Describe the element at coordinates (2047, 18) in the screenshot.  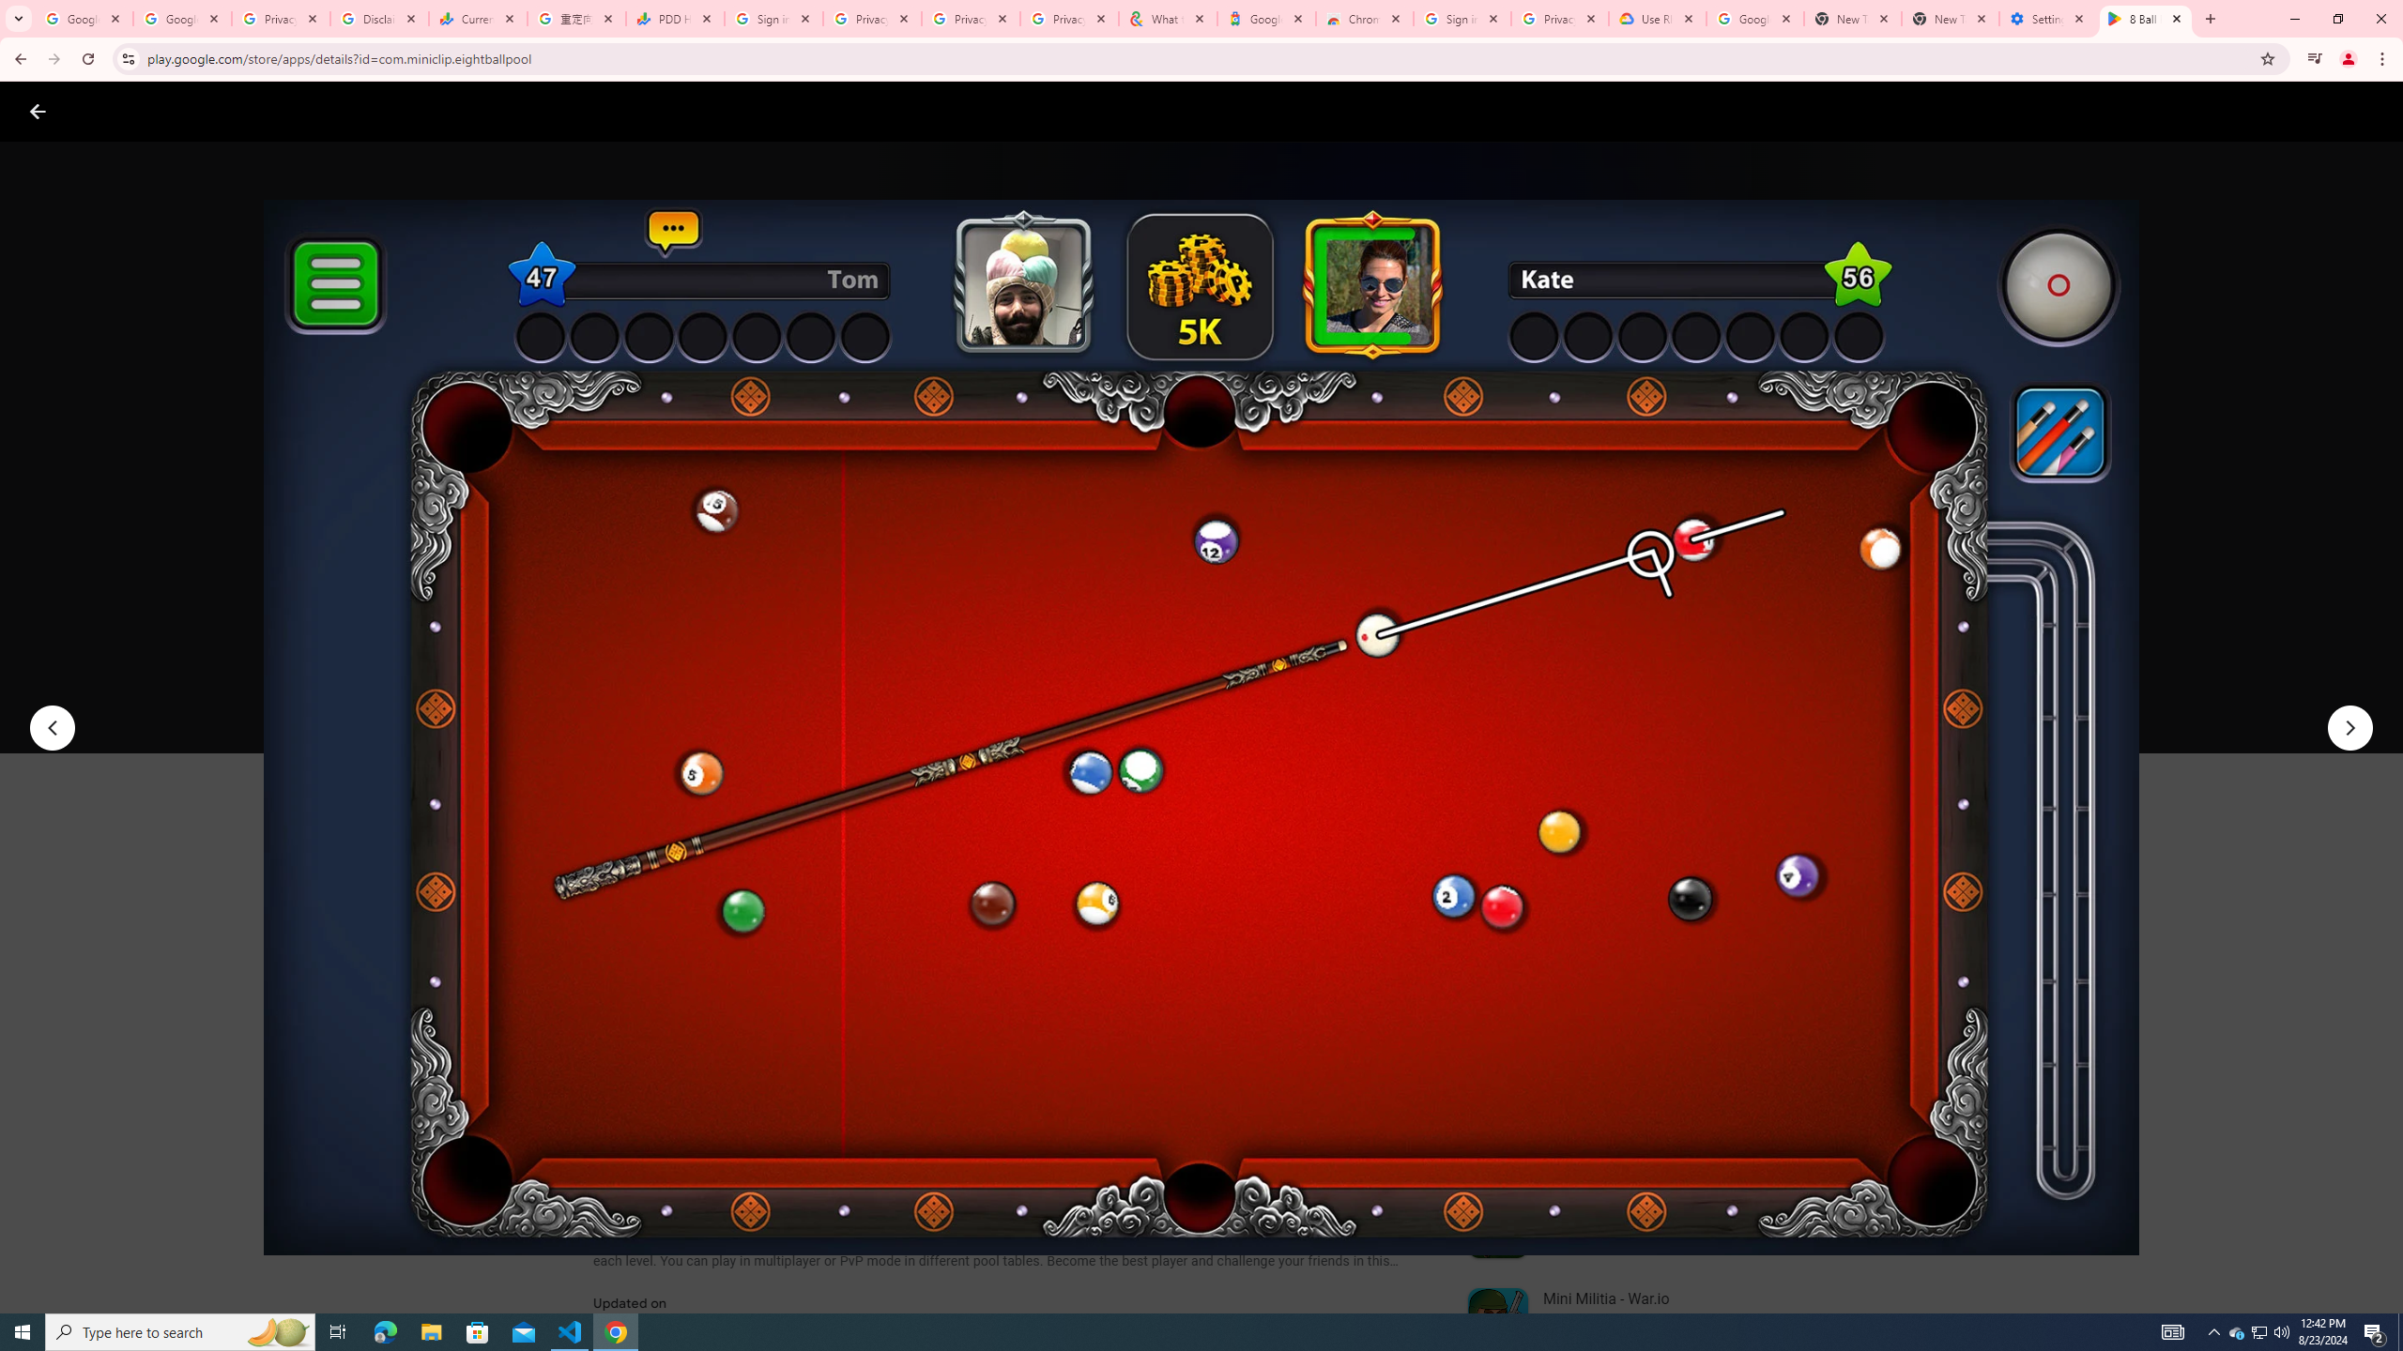
I see `'Settings - System'` at that location.